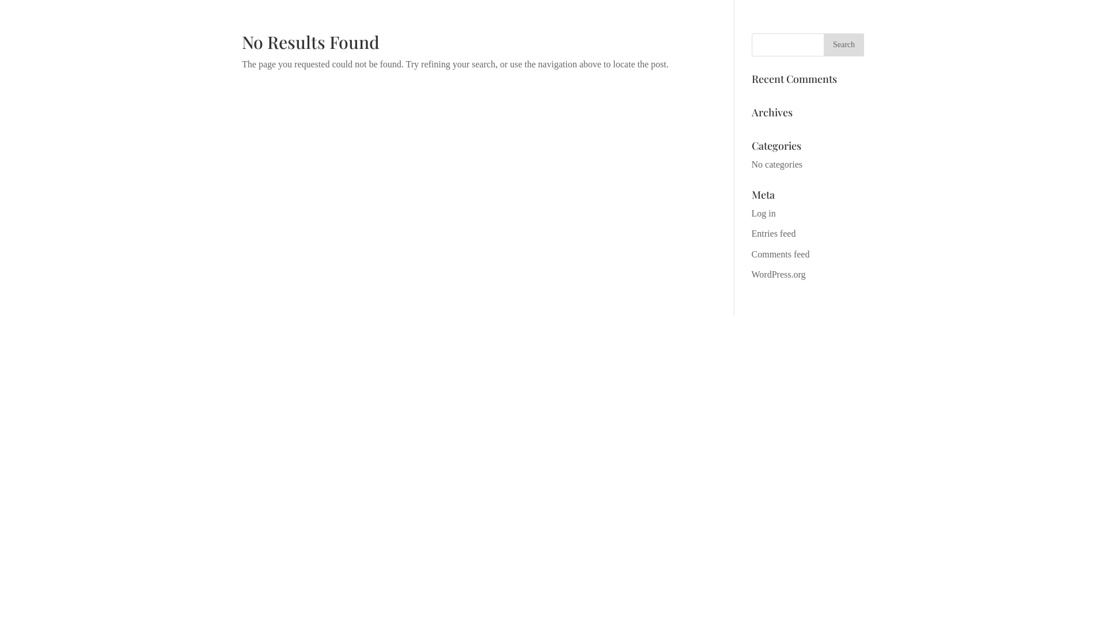  What do you see at coordinates (774, 233) in the screenshot?
I see `'Entries feed'` at bounding box center [774, 233].